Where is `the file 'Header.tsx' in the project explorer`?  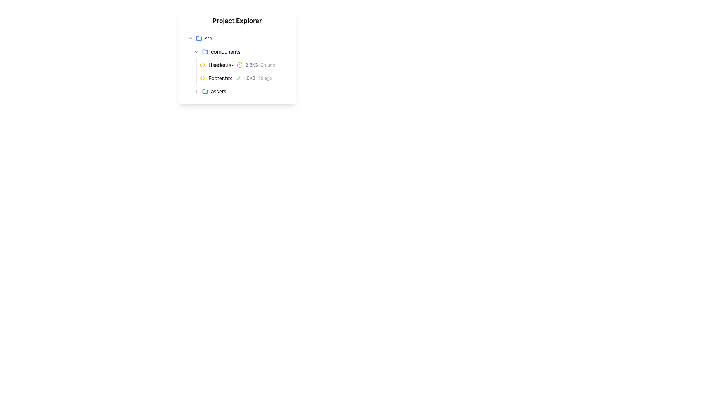
the file 'Header.tsx' in the project explorer is located at coordinates (243, 65).